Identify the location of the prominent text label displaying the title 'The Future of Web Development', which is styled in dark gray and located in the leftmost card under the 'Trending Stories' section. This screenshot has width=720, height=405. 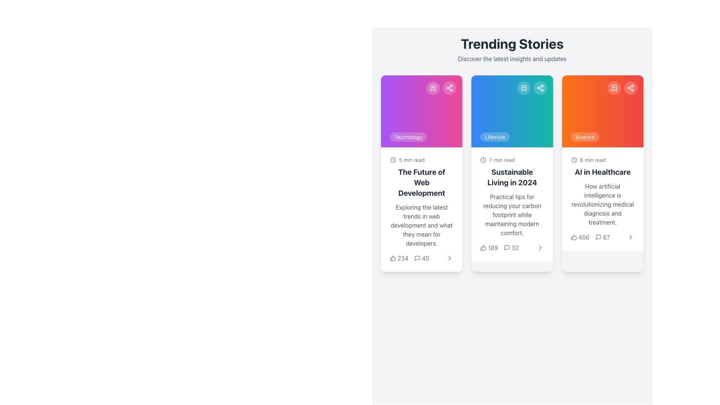
(421, 182).